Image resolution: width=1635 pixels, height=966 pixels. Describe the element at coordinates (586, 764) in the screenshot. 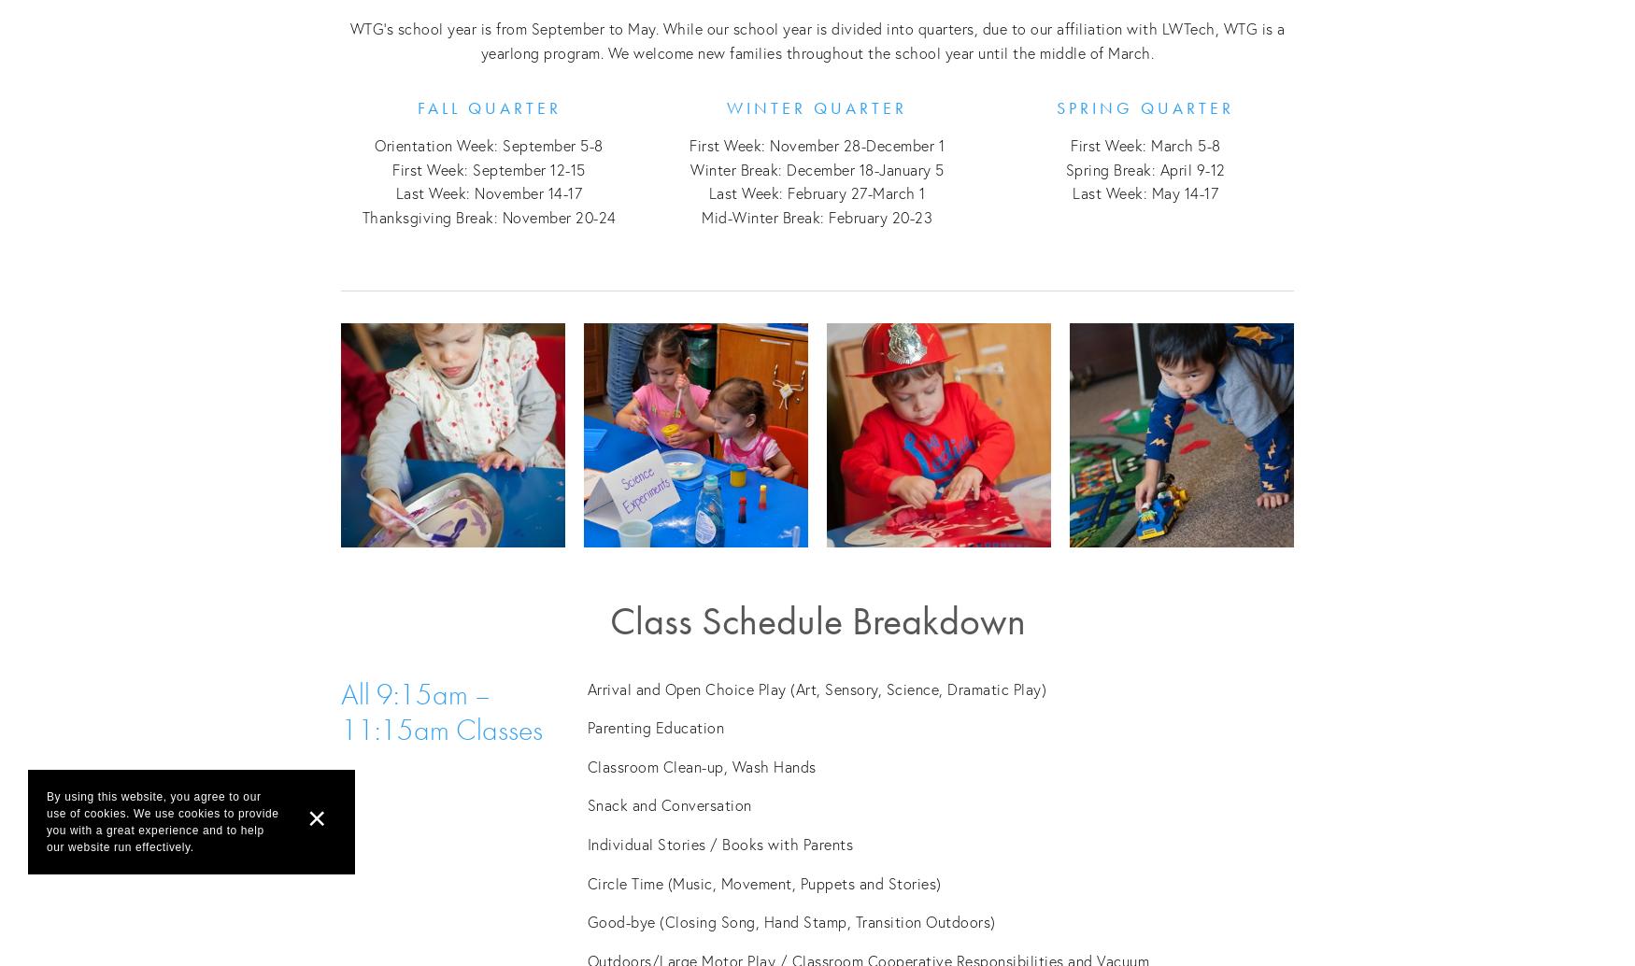

I see `'Classroom Clean-up, Wash Hands'` at that location.